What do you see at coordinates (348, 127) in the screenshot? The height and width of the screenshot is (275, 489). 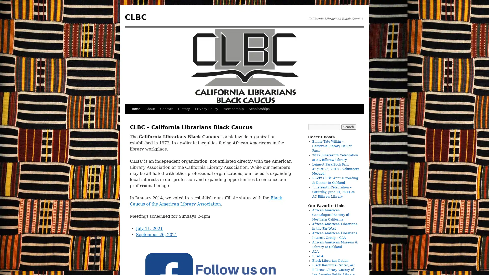 I see `Search` at bounding box center [348, 127].